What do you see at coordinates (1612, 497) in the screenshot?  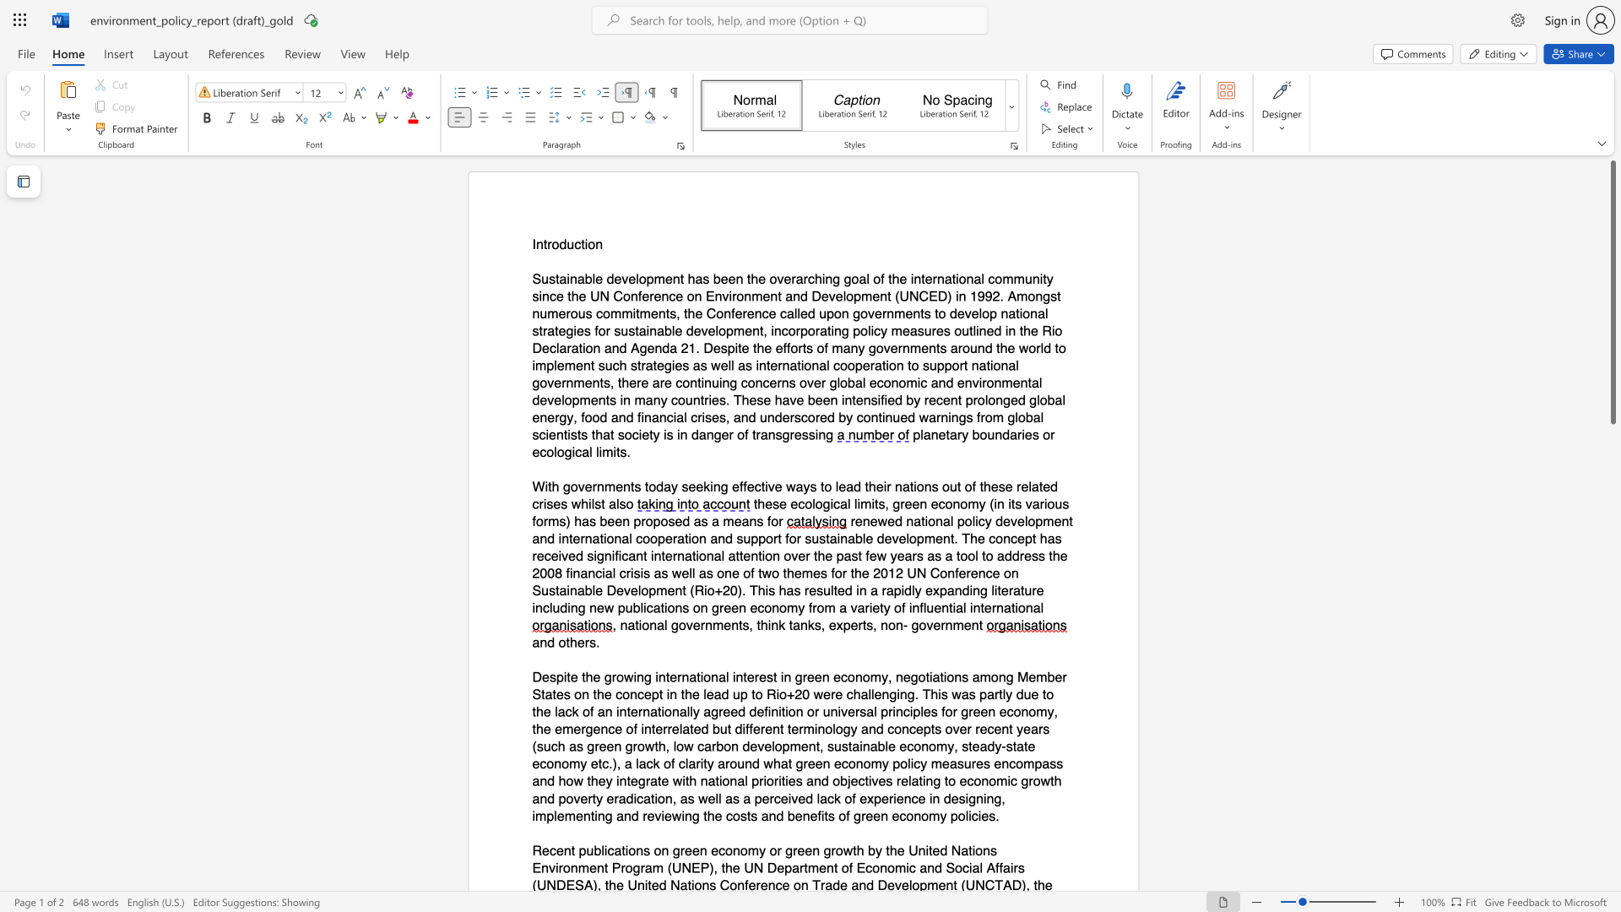 I see `the scrollbar to move the page down` at bounding box center [1612, 497].